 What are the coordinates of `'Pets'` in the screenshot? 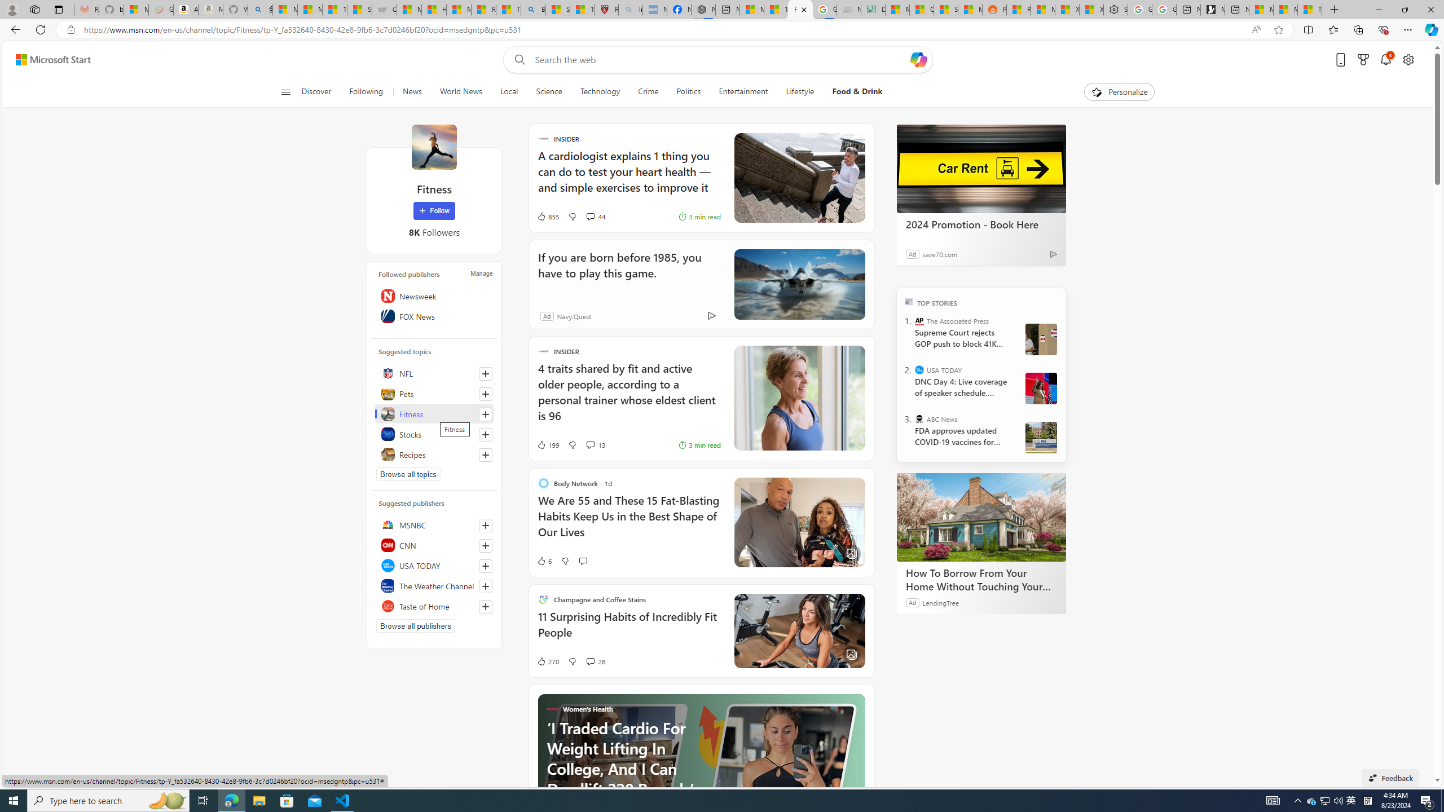 It's located at (434, 393).